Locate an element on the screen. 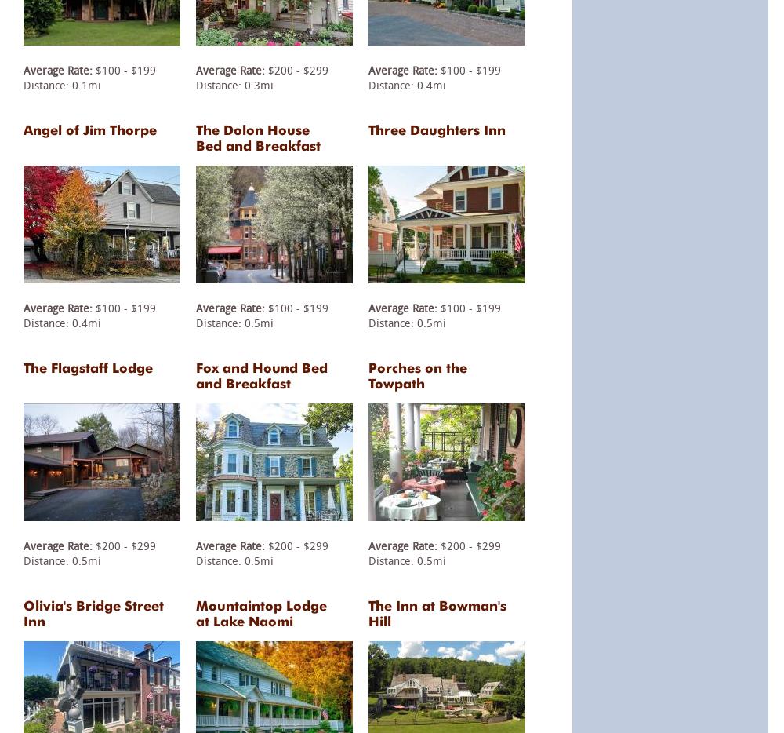 The height and width of the screenshot is (733, 784). 'Porches on the Towpath' is located at coordinates (418, 374).